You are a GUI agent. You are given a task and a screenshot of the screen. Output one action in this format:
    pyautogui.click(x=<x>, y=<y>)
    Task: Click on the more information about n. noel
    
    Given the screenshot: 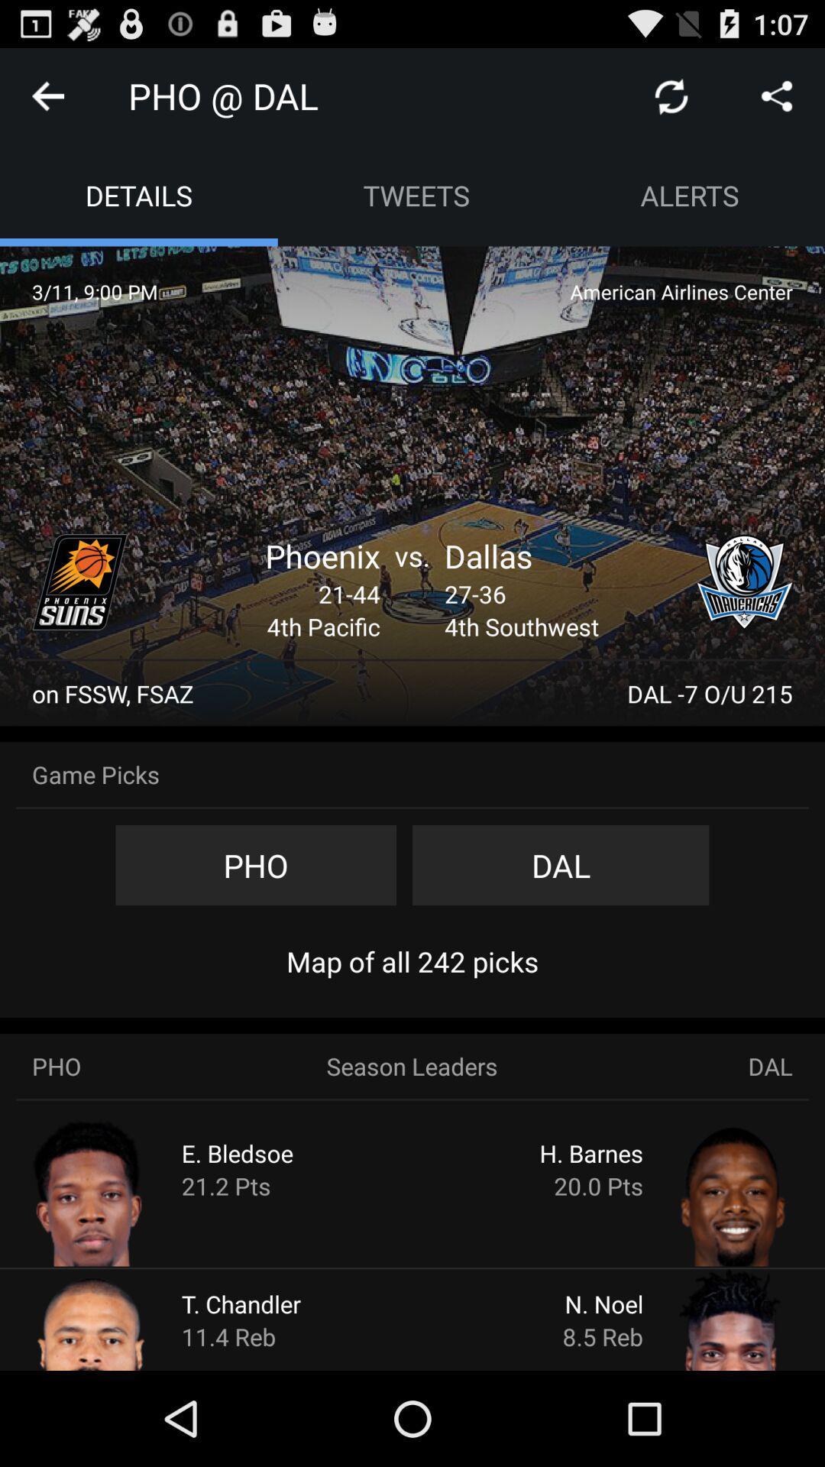 What is the action you would take?
    pyautogui.click(x=704, y=1318)
    